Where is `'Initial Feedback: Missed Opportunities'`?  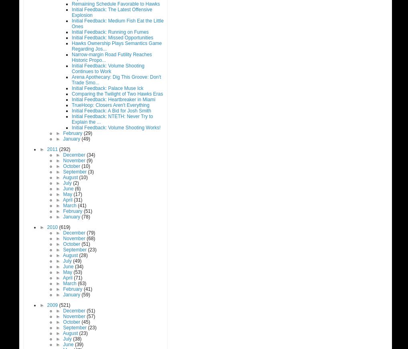
'Initial Feedback: Missed Opportunities' is located at coordinates (112, 37).